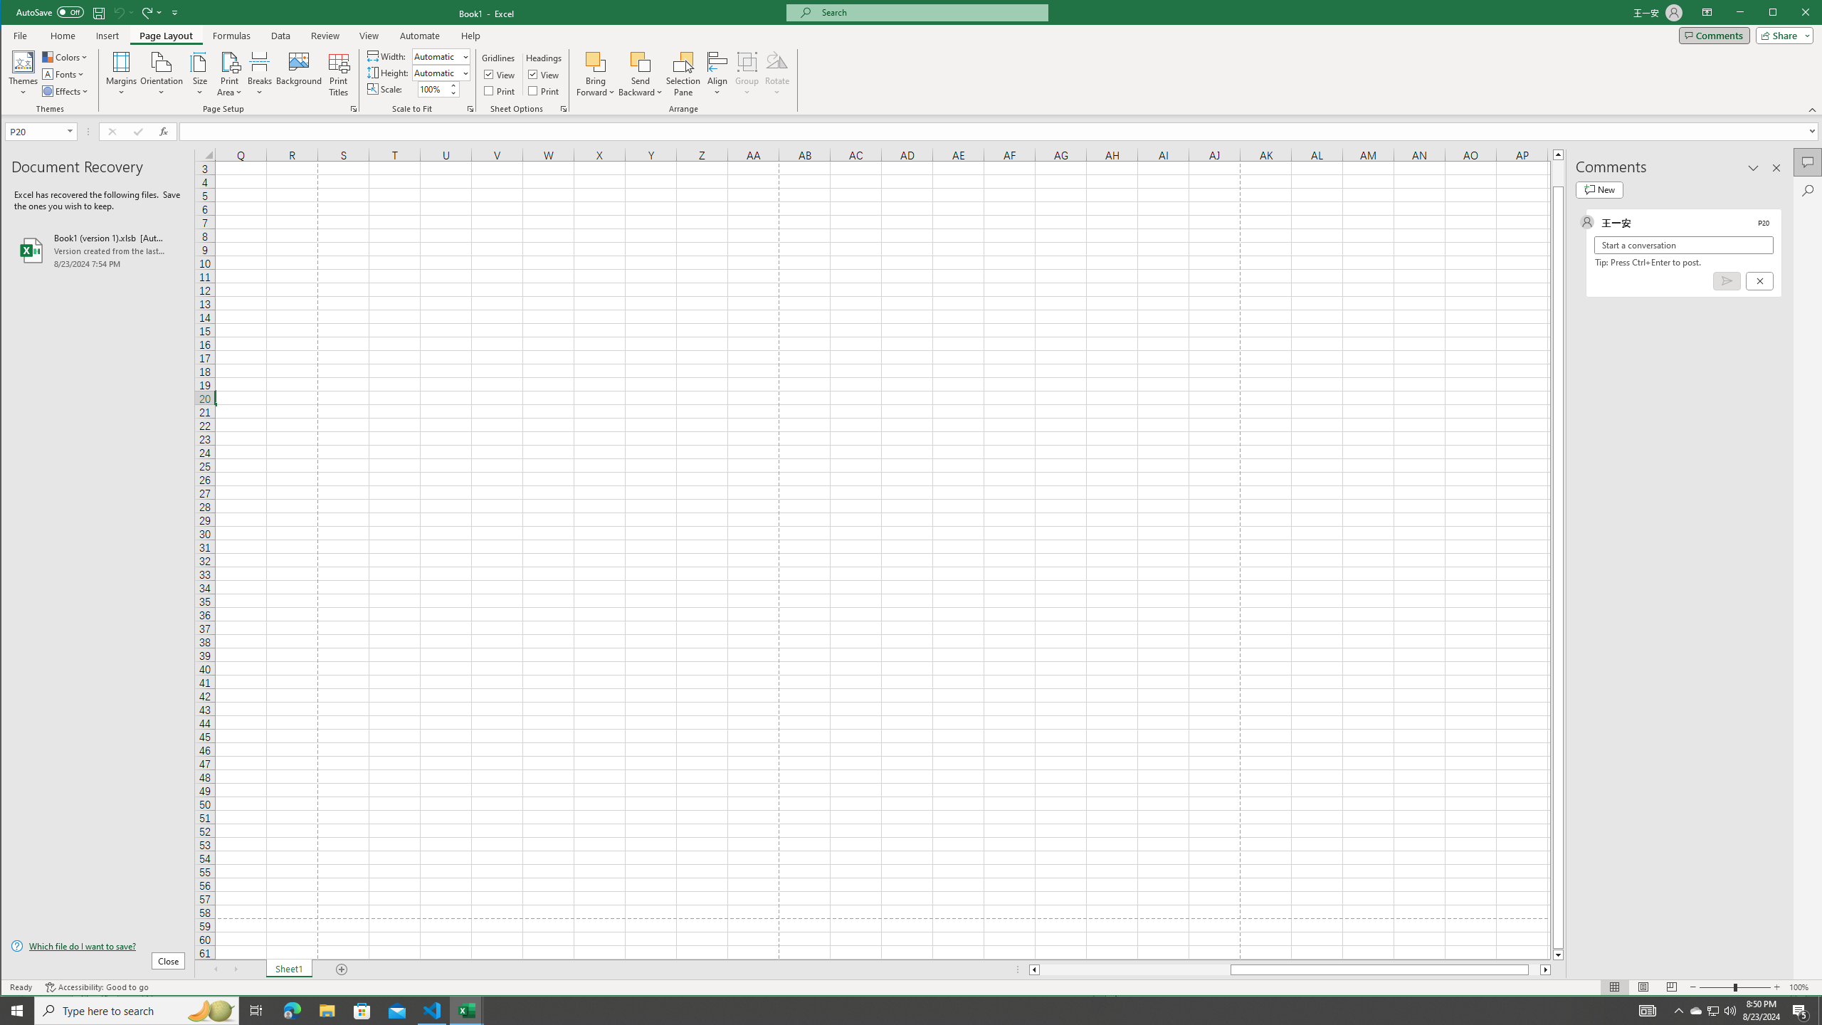 This screenshot has height=1025, width=1822. Describe the element at coordinates (562, 109) in the screenshot. I see `'Sheet Options'` at that location.